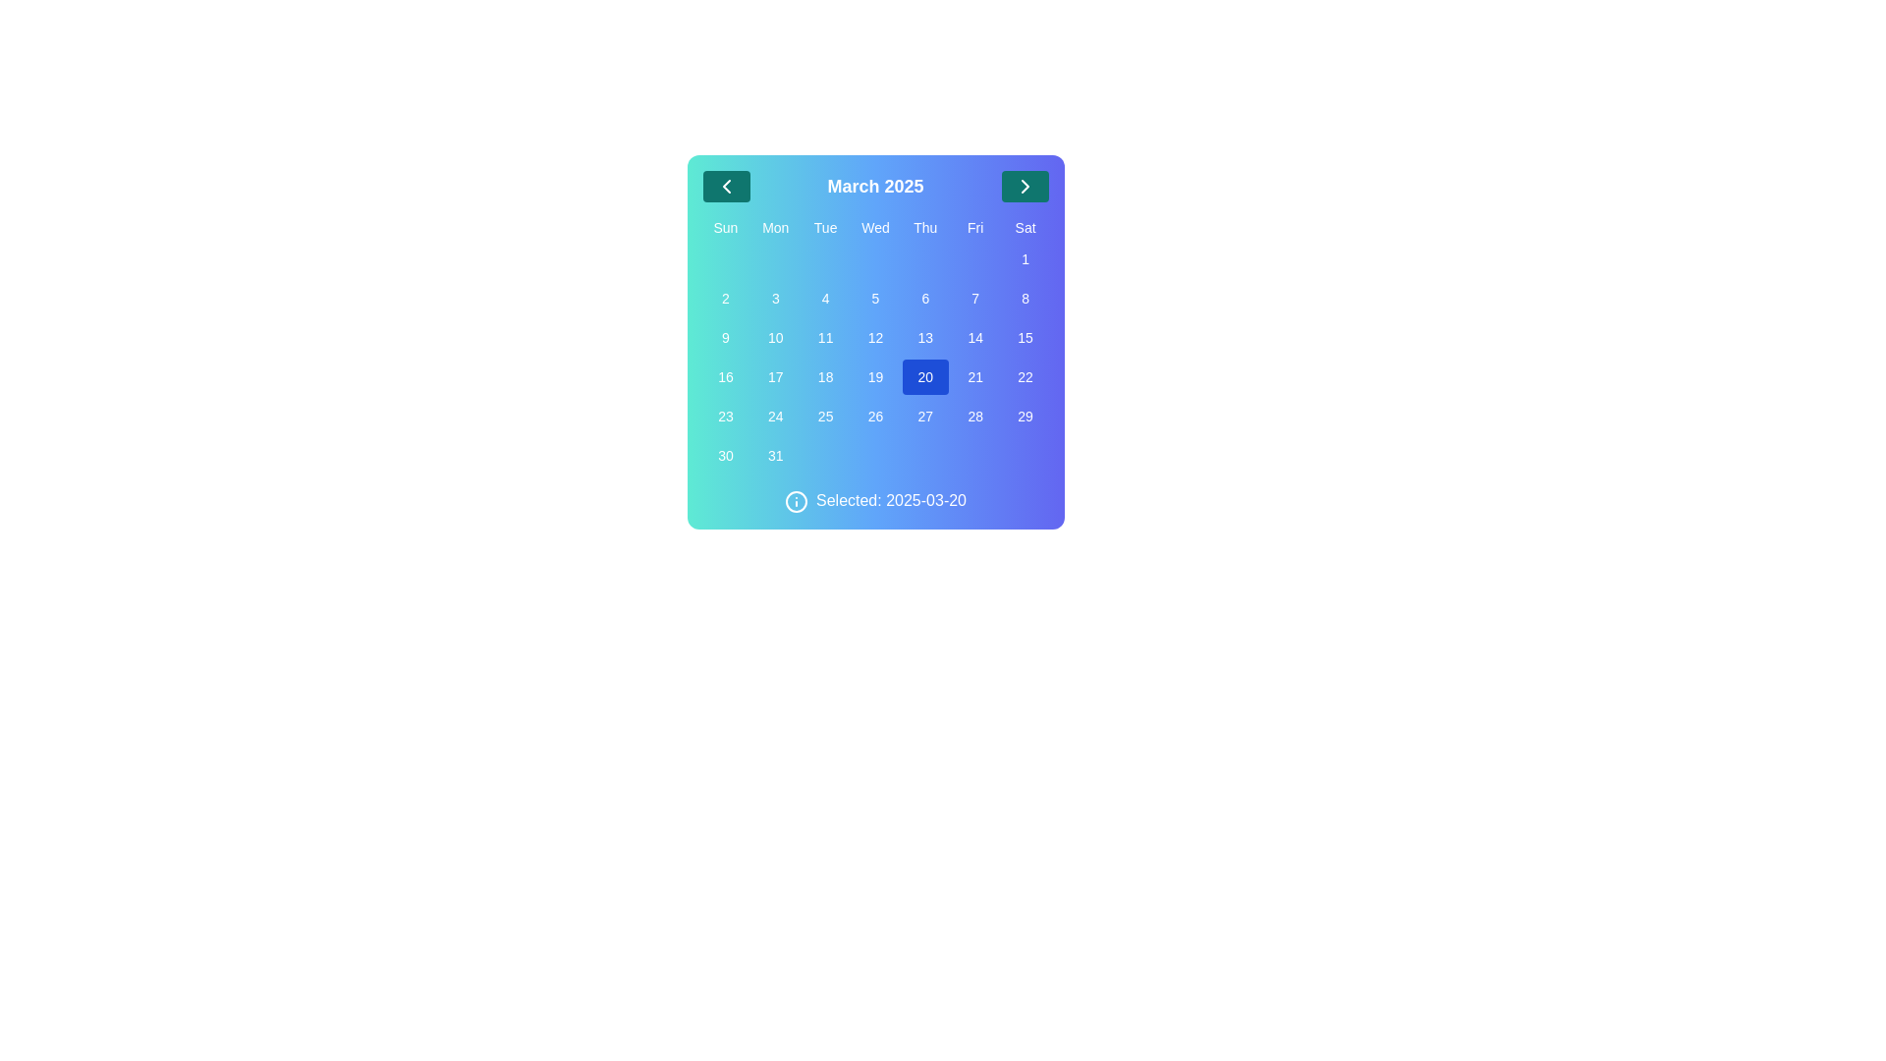 This screenshot has height=1061, width=1886. What do you see at coordinates (1024, 186) in the screenshot?
I see `the white chevron icon within the dark green circular button located on the right side of the header displaying 'March 2025'` at bounding box center [1024, 186].